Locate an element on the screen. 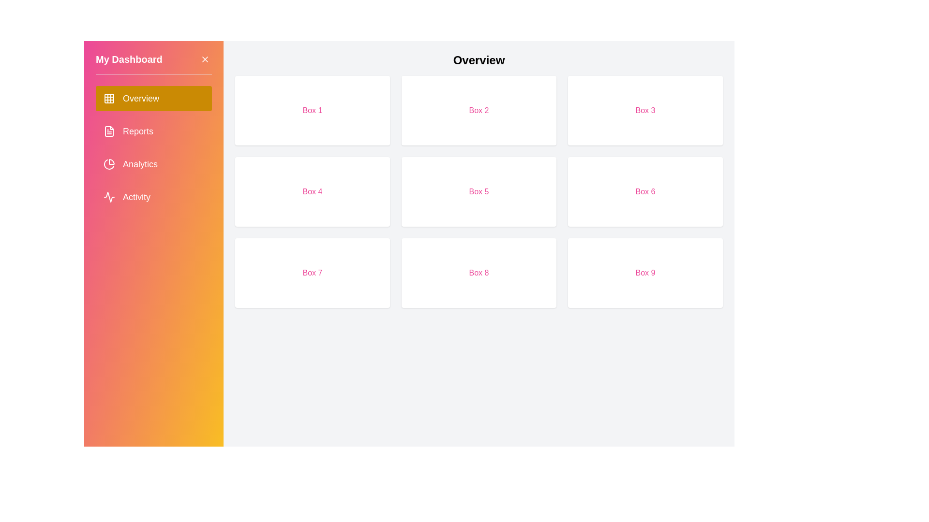  the sidebar item Activity to observe its visual change is located at coordinates (153, 197).